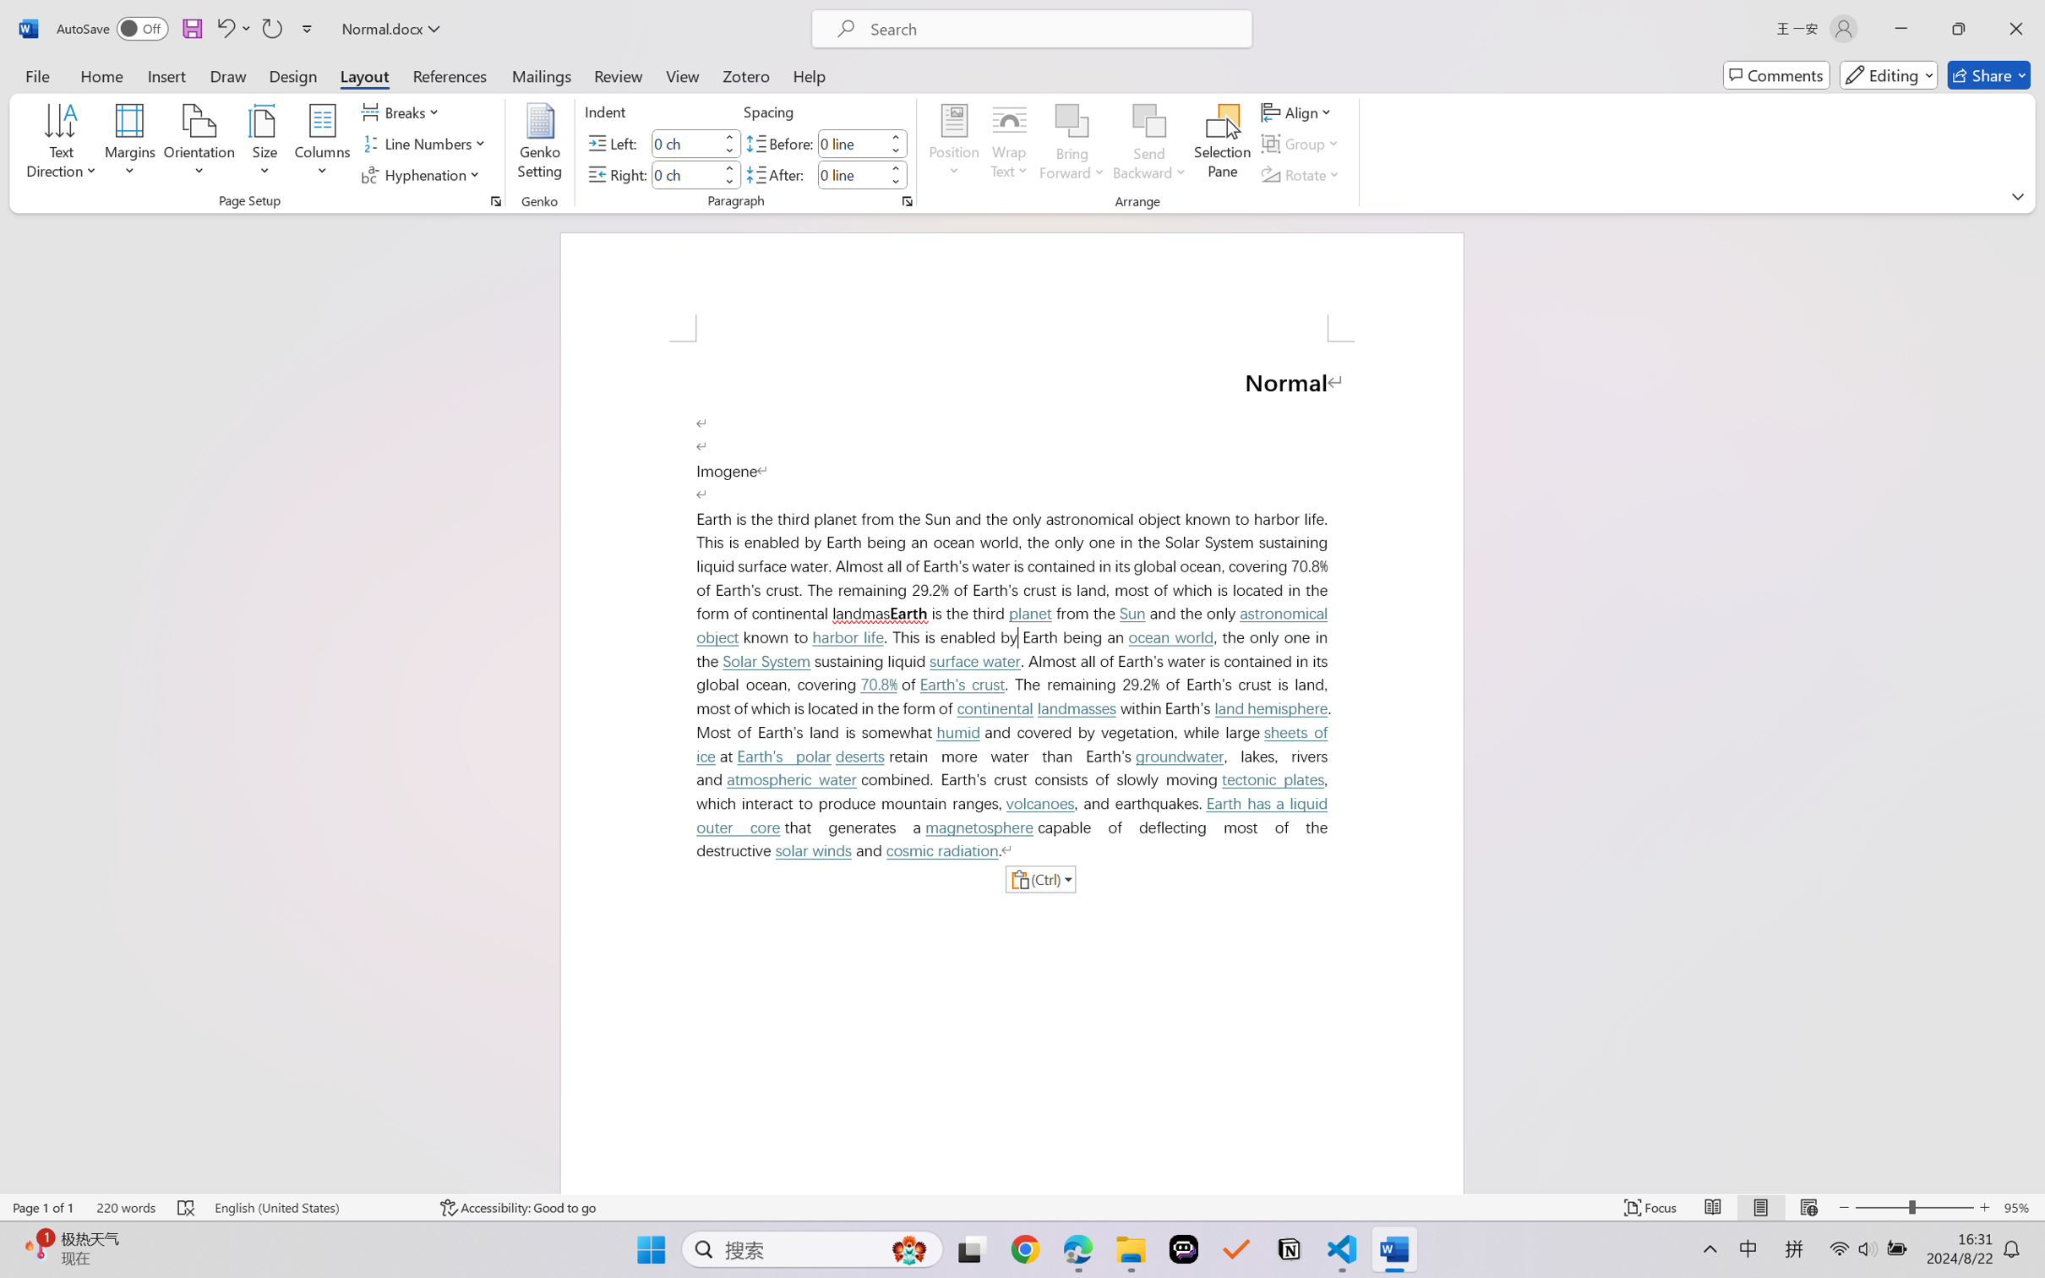 The height and width of the screenshot is (1278, 2045). Describe the element at coordinates (1271, 707) in the screenshot. I see `'land hemisphere'` at that location.